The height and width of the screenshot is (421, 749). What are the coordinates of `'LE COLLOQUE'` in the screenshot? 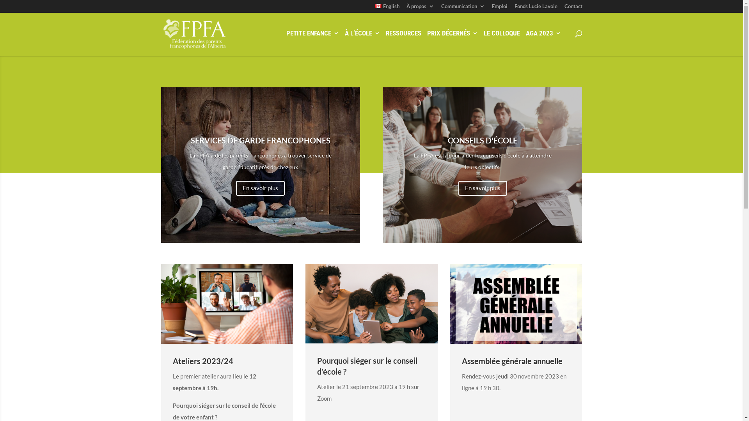 It's located at (502, 42).